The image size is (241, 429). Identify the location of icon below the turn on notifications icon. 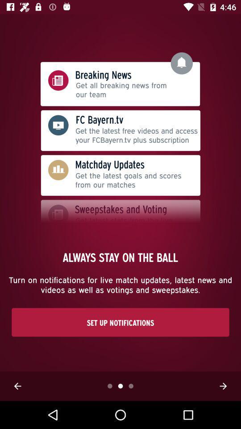
(120, 322).